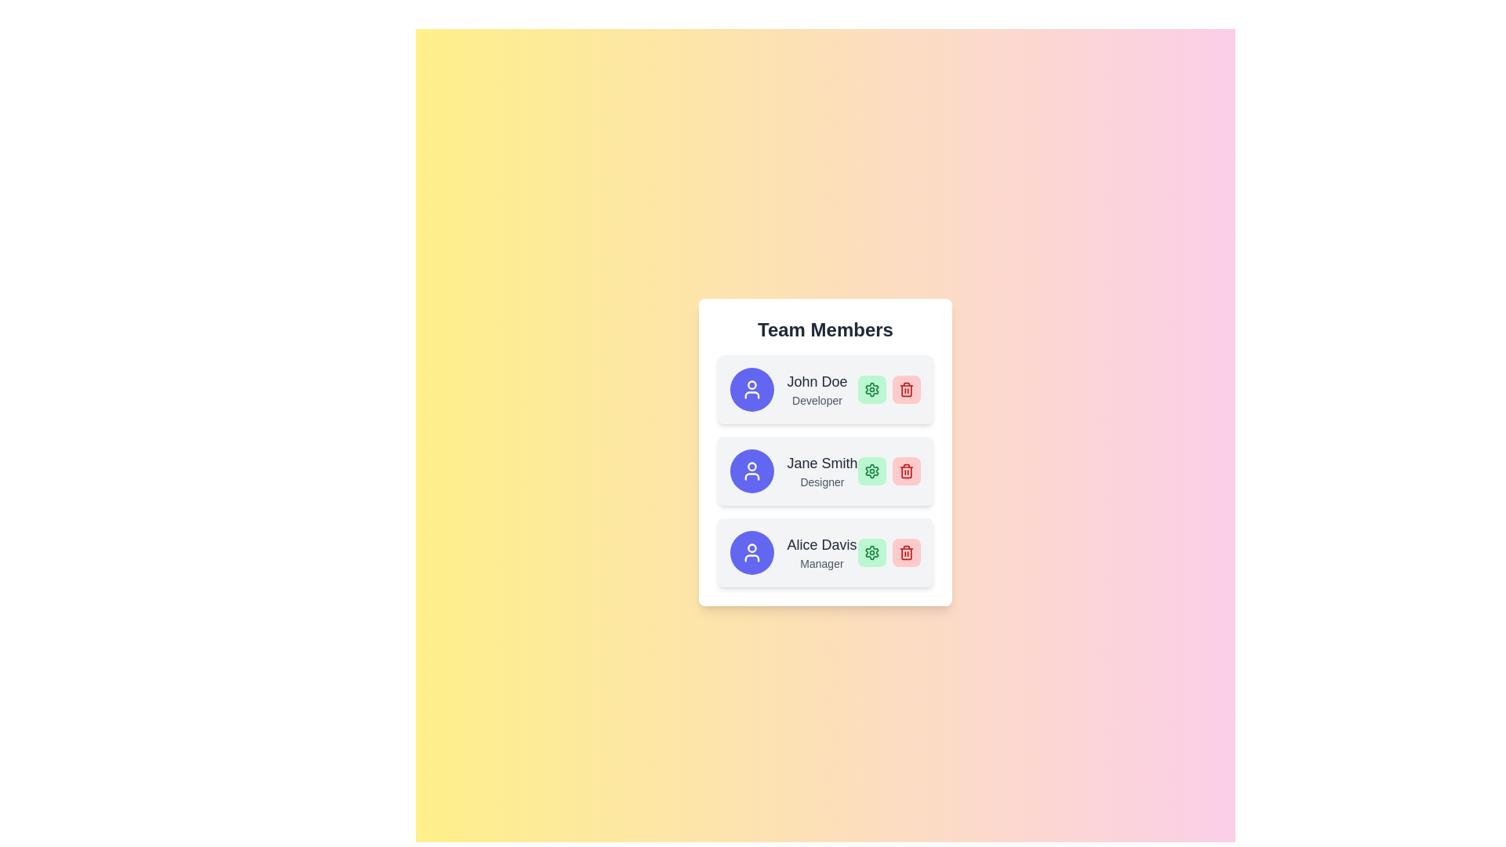 The width and height of the screenshot is (1506, 847). Describe the element at coordinates (794, 552) in the screenshot. I see `the user name 'Alice Davis' in the User profile display component for actions` at that location.